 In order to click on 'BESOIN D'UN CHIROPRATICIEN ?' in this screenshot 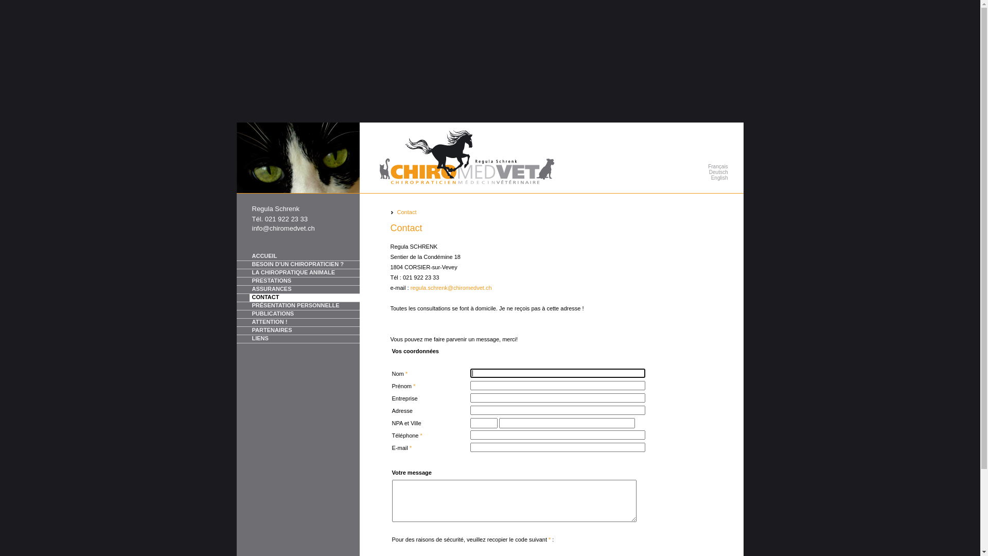, I will do `click(297, 265)`.